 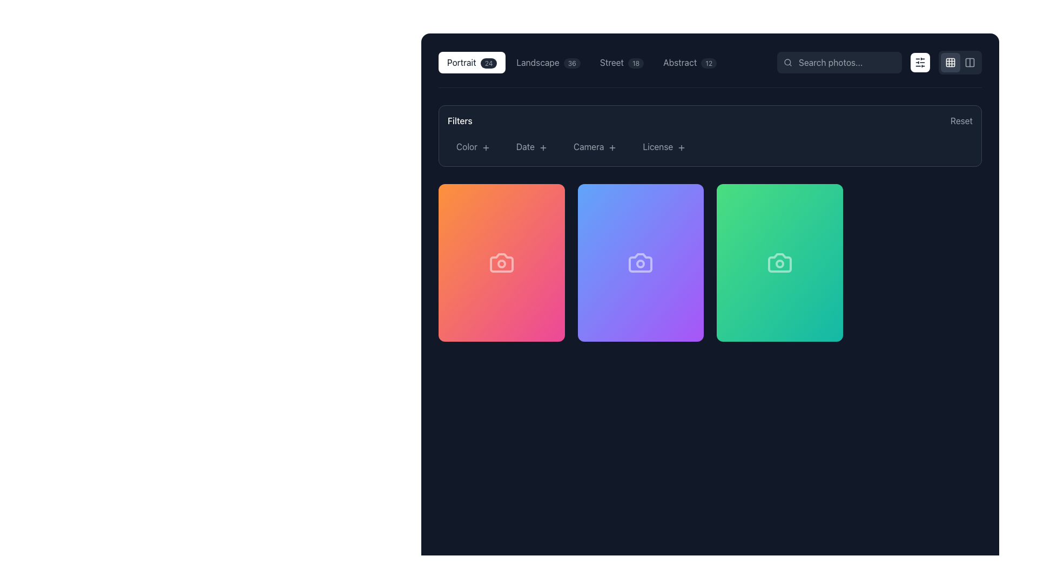 What do you see at coordinates (472, 62) in the screenshot?
I see `the 'Portrait' button with a badge displaying '24'` at bounding box center [472, 62].